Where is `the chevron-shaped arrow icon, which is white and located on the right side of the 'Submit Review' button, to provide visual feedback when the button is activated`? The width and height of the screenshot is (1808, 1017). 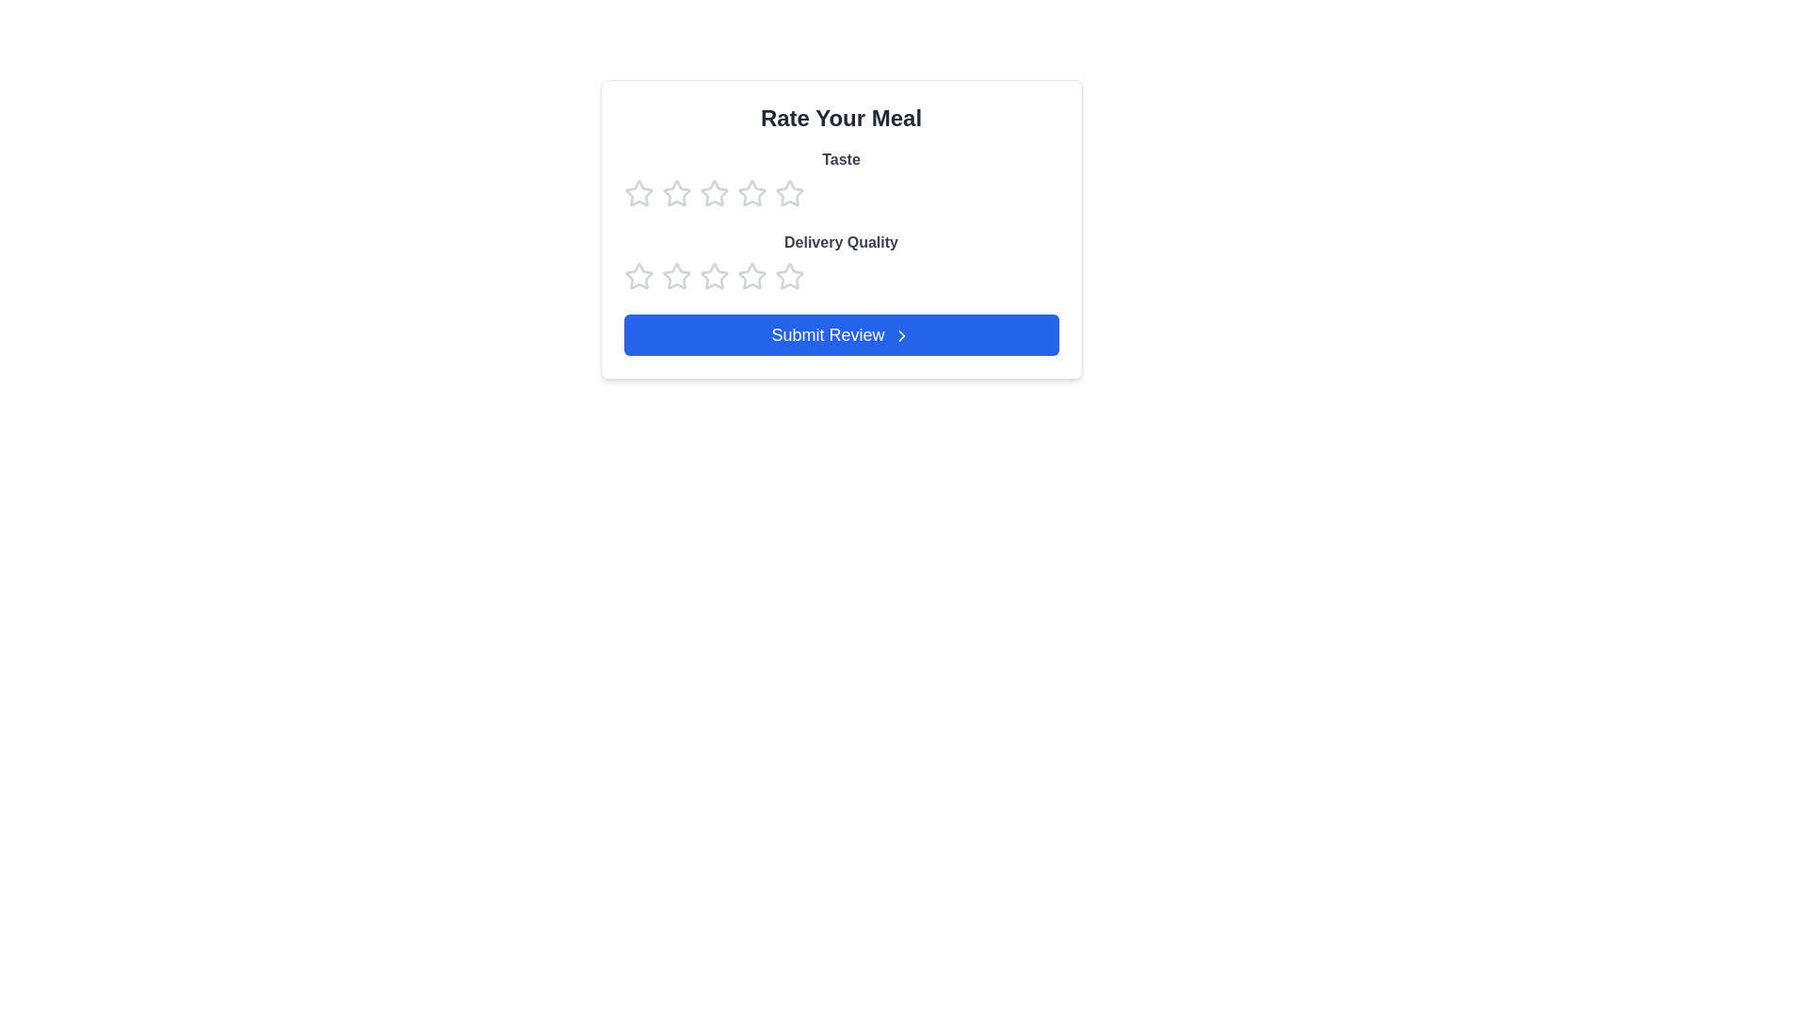 the chevron-shaped arrow icon, which is white and located on the right side of the 'Submit Review' button, to provide visual feedback when the button is activated is located at coordinates (900, 335).